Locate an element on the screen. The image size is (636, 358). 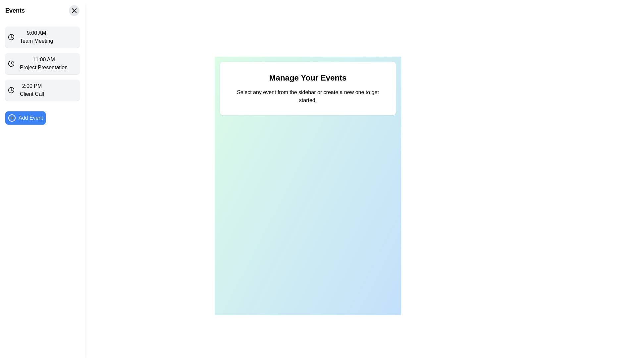
the static text label indicating the section for managing or viewing events, located at the top left of the sidebar is located at coordinates (15, 10).